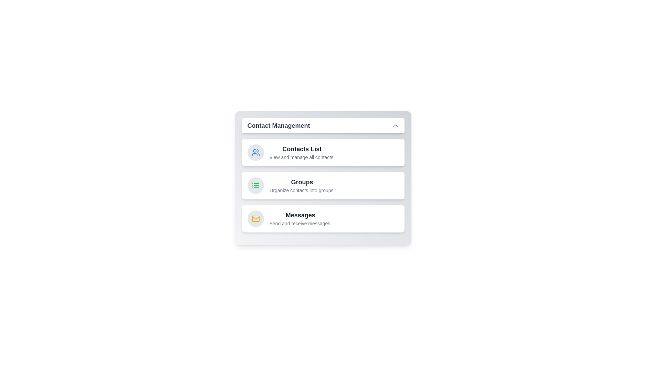 This screenshot has width=661, height=372. I want to click on the menu item Groups to view its hover effect, so click(323, 185).